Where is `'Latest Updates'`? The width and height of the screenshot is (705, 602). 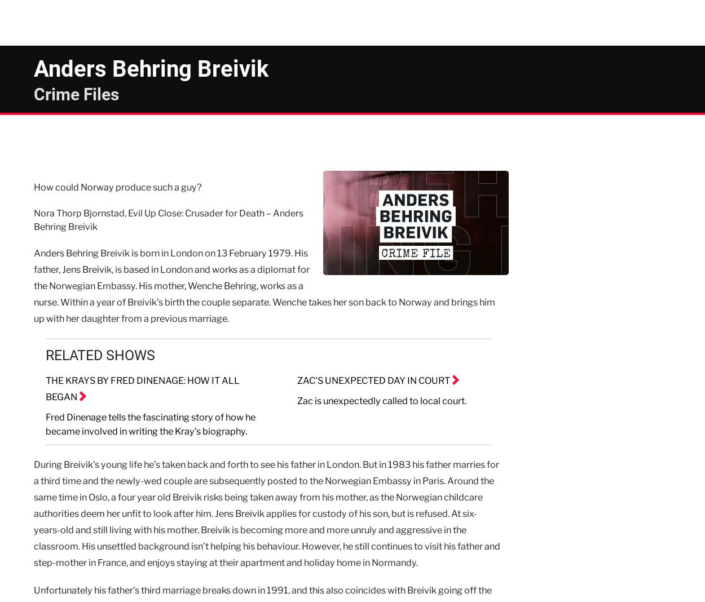 'Latest Updates' is located at coordinates (450, 22).